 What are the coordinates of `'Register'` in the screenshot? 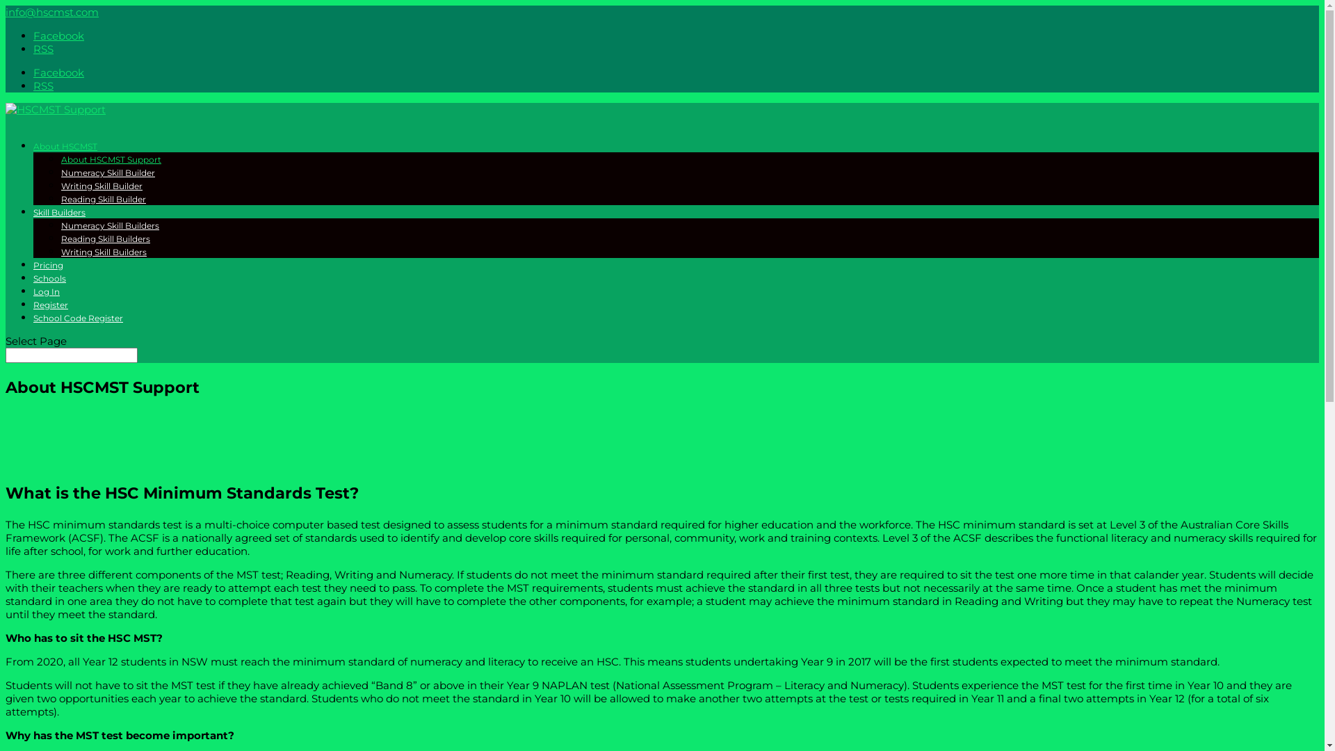 It's located at (50, 310).